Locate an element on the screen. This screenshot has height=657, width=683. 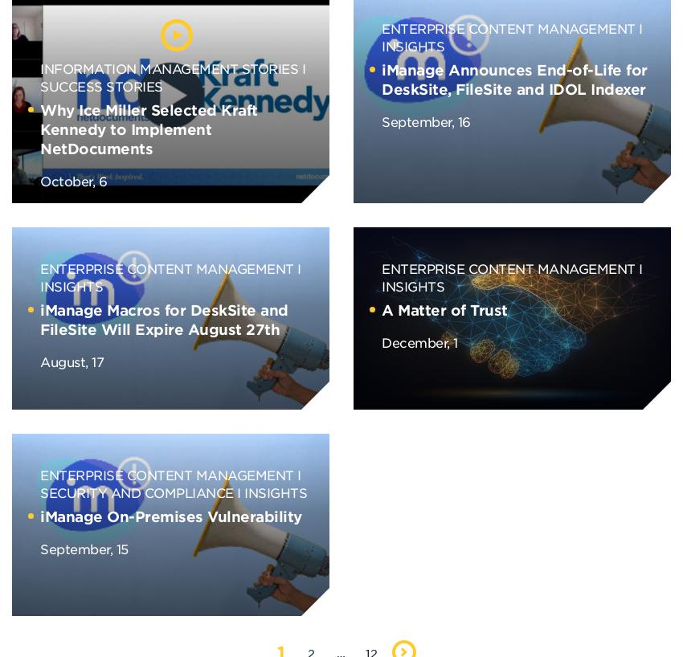
'September, 15' is located at coordinates (83, 548).